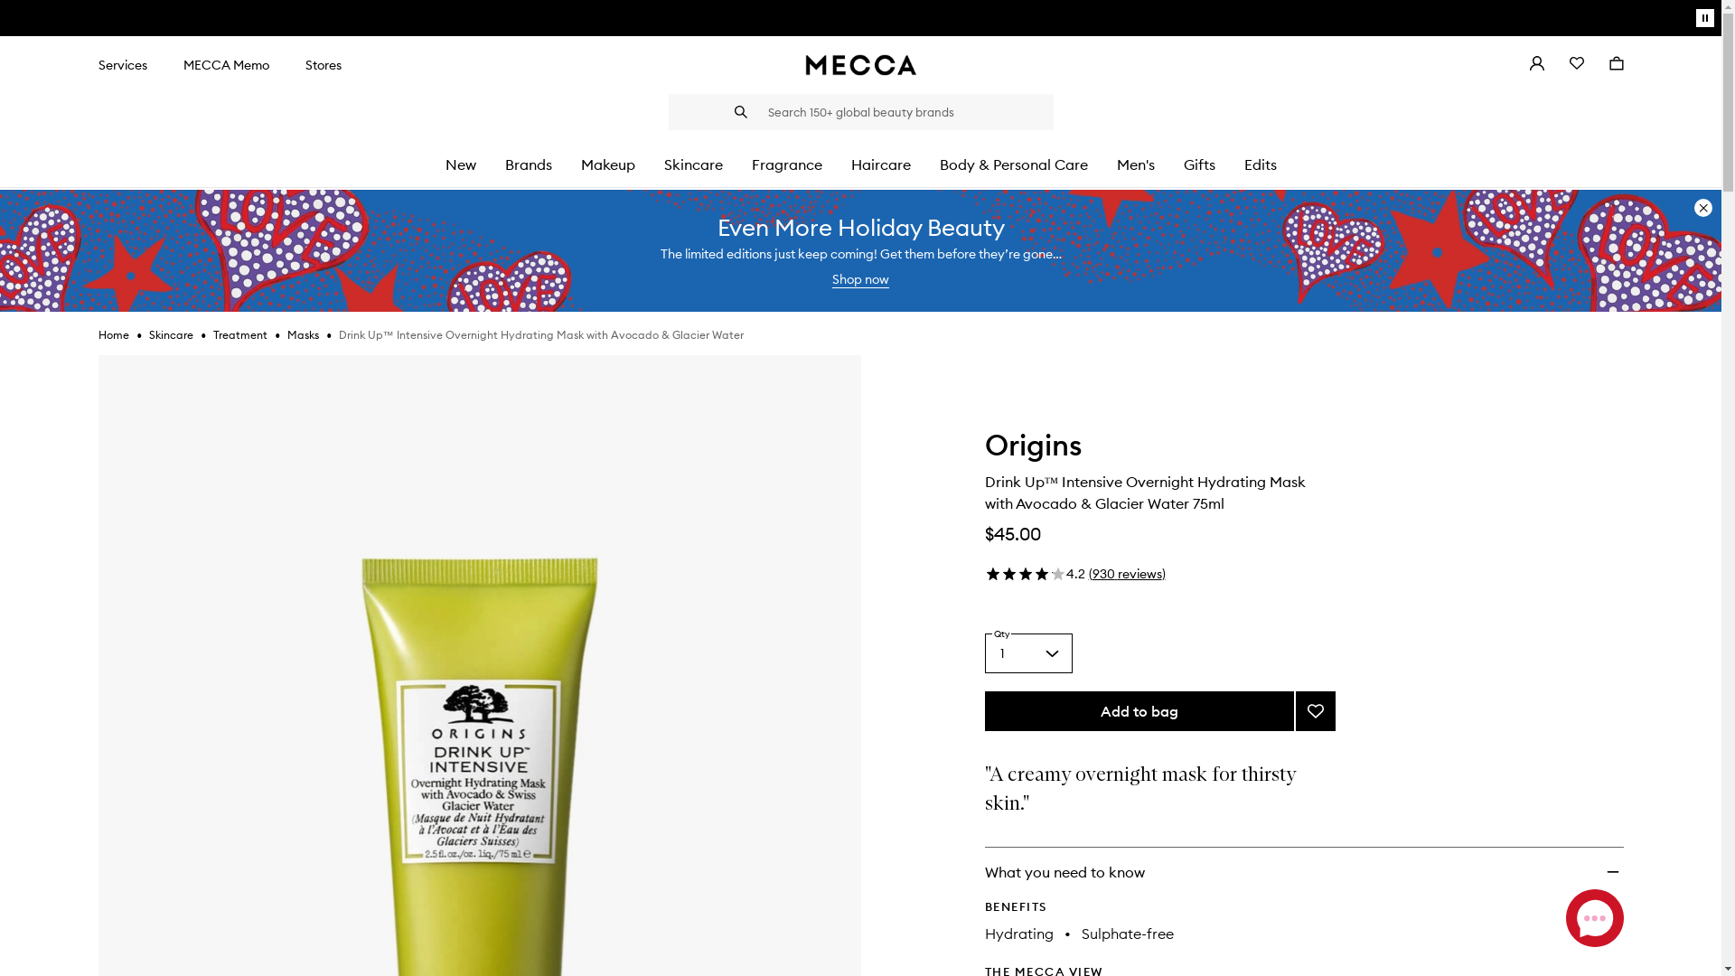 This screenshot has width=1735, height=976. Describe the element at coordinates (1139, 709) in the screenshot. I see `'Add to bag'` at that location.